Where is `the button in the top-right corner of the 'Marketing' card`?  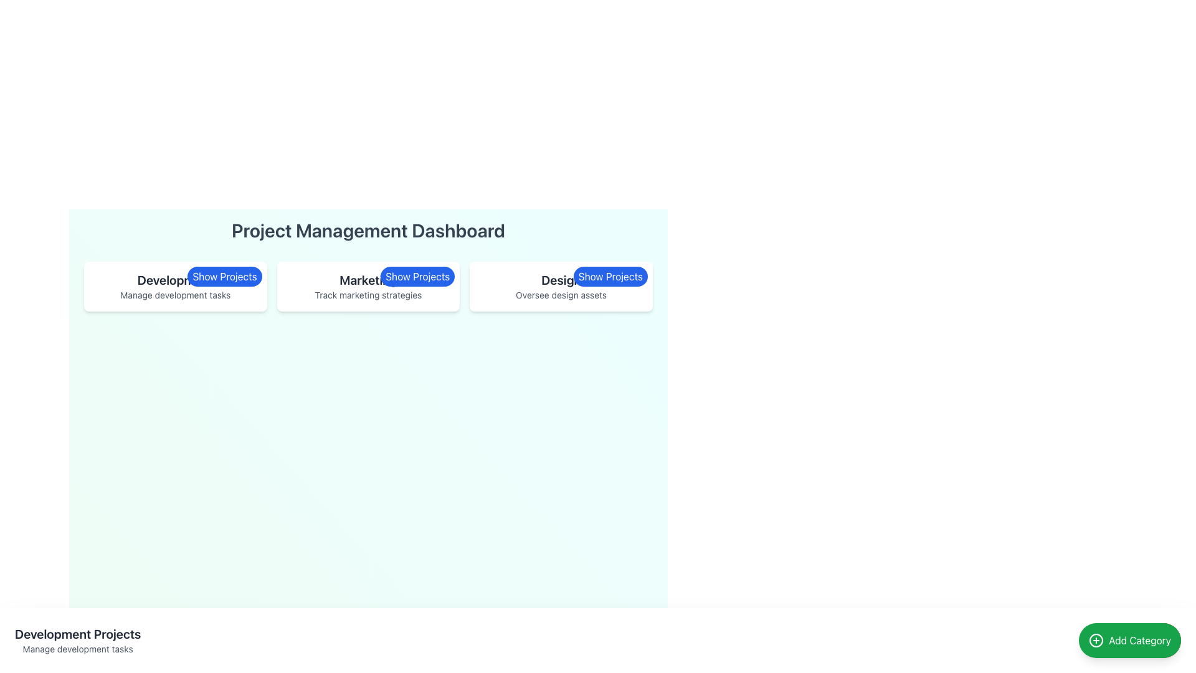
the button in the top-right corner of the 'Marketing' card is located at coordinates (417, 275).